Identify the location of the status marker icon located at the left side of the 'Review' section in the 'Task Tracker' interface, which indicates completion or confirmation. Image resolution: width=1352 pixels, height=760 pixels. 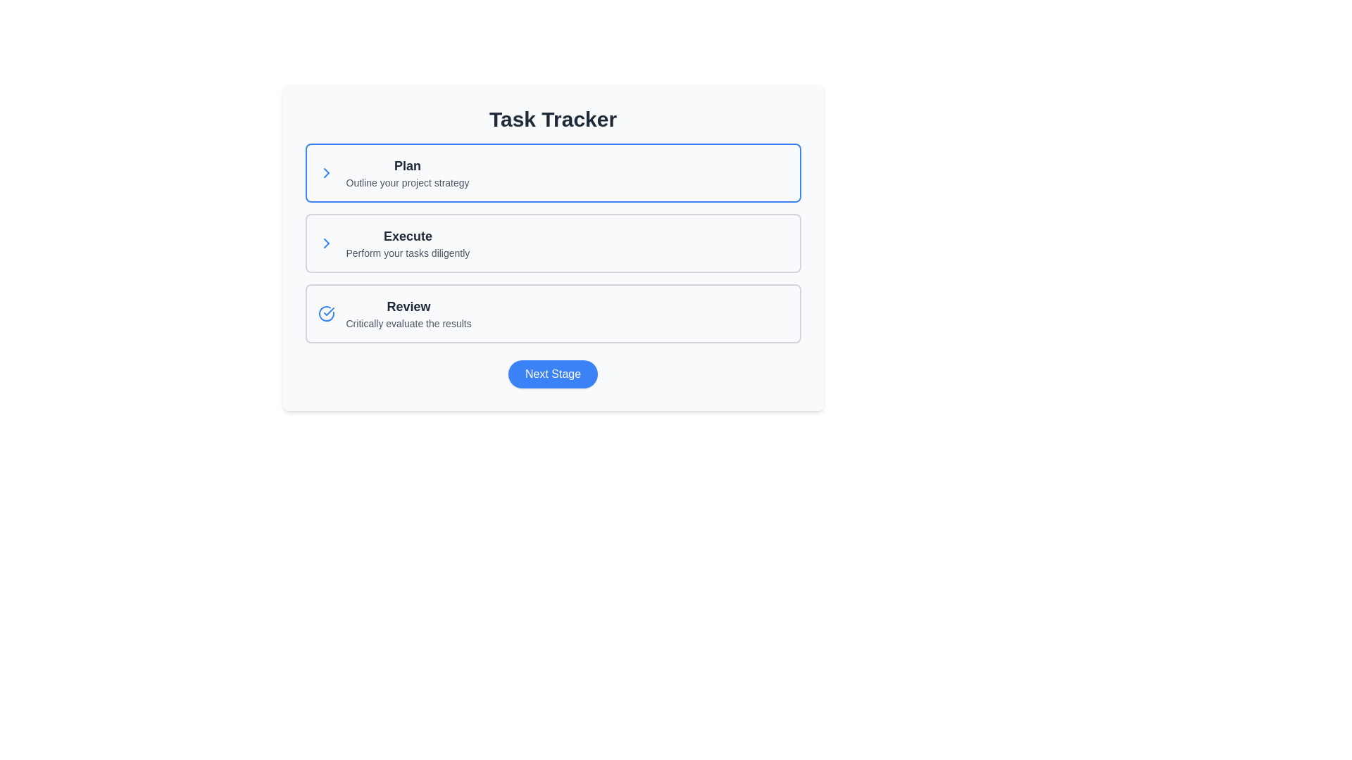
(325, 313).